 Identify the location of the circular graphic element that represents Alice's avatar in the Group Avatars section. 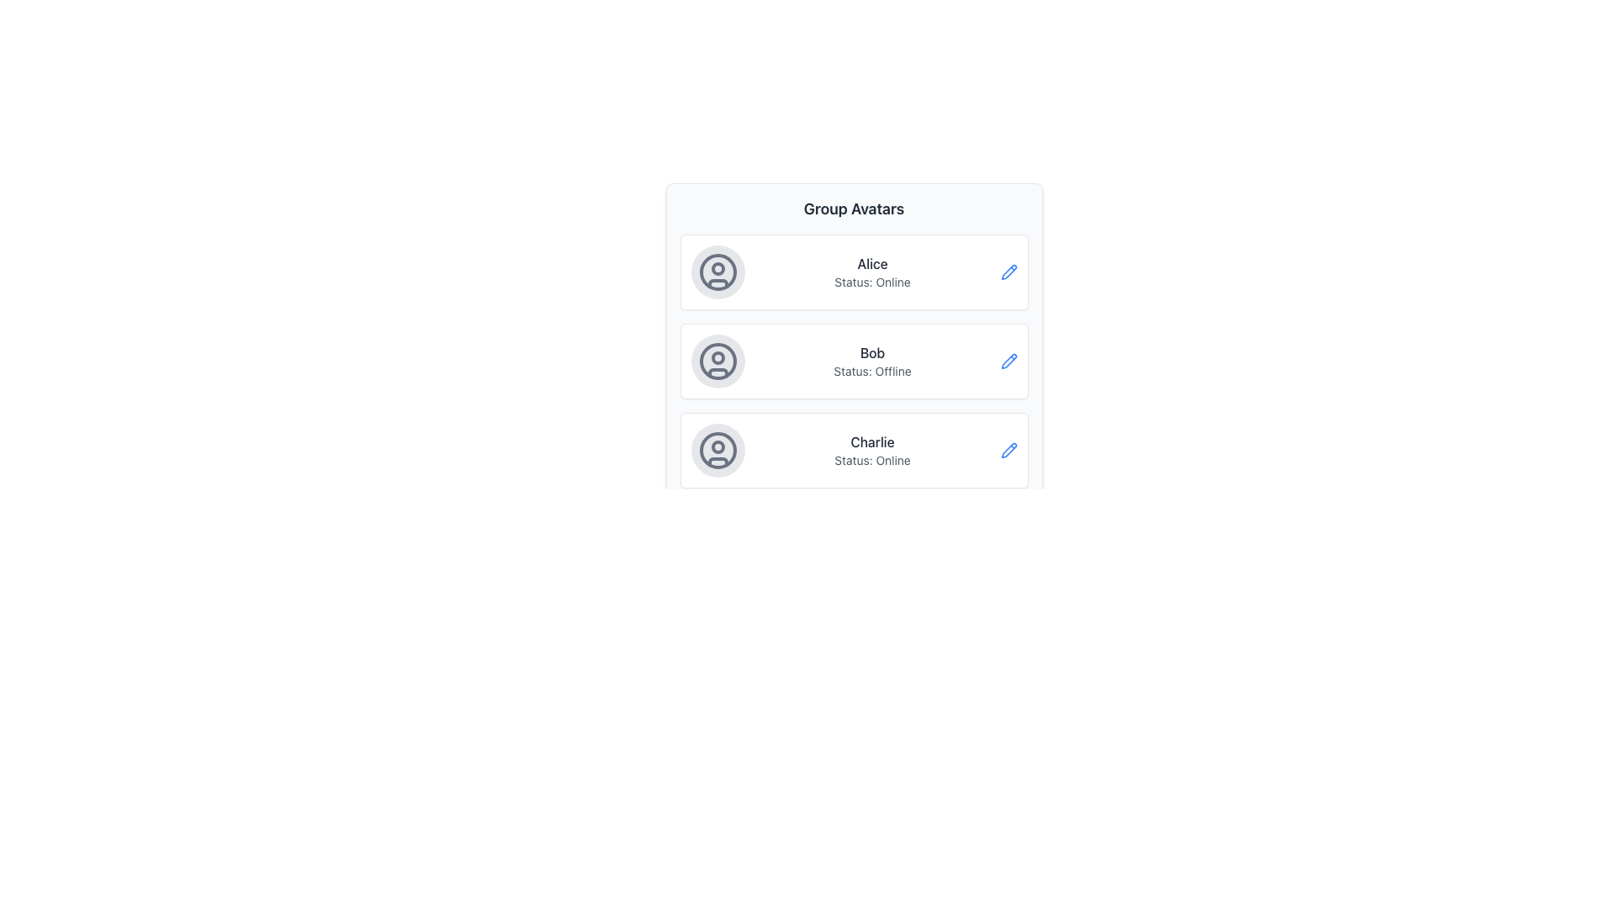
(717, 272).